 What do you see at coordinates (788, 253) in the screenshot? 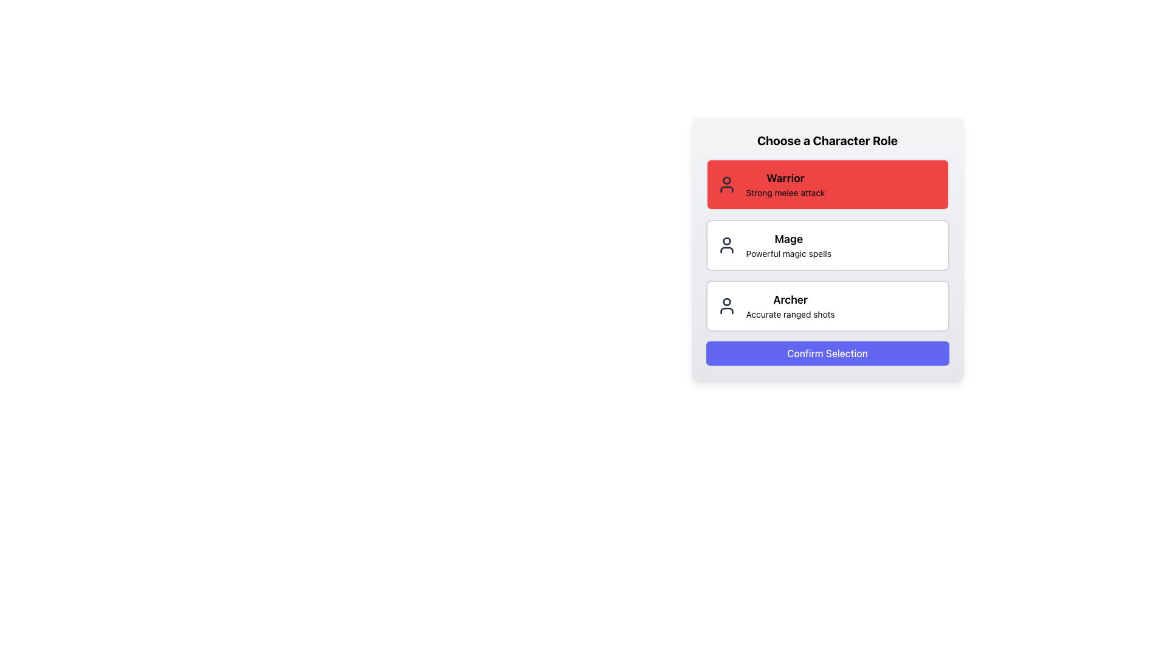
I see `the text label reading 'Powerful magic spells' located below the 'Mage' label in the selection card for 'Mage'` at bounding box center [788, 253].